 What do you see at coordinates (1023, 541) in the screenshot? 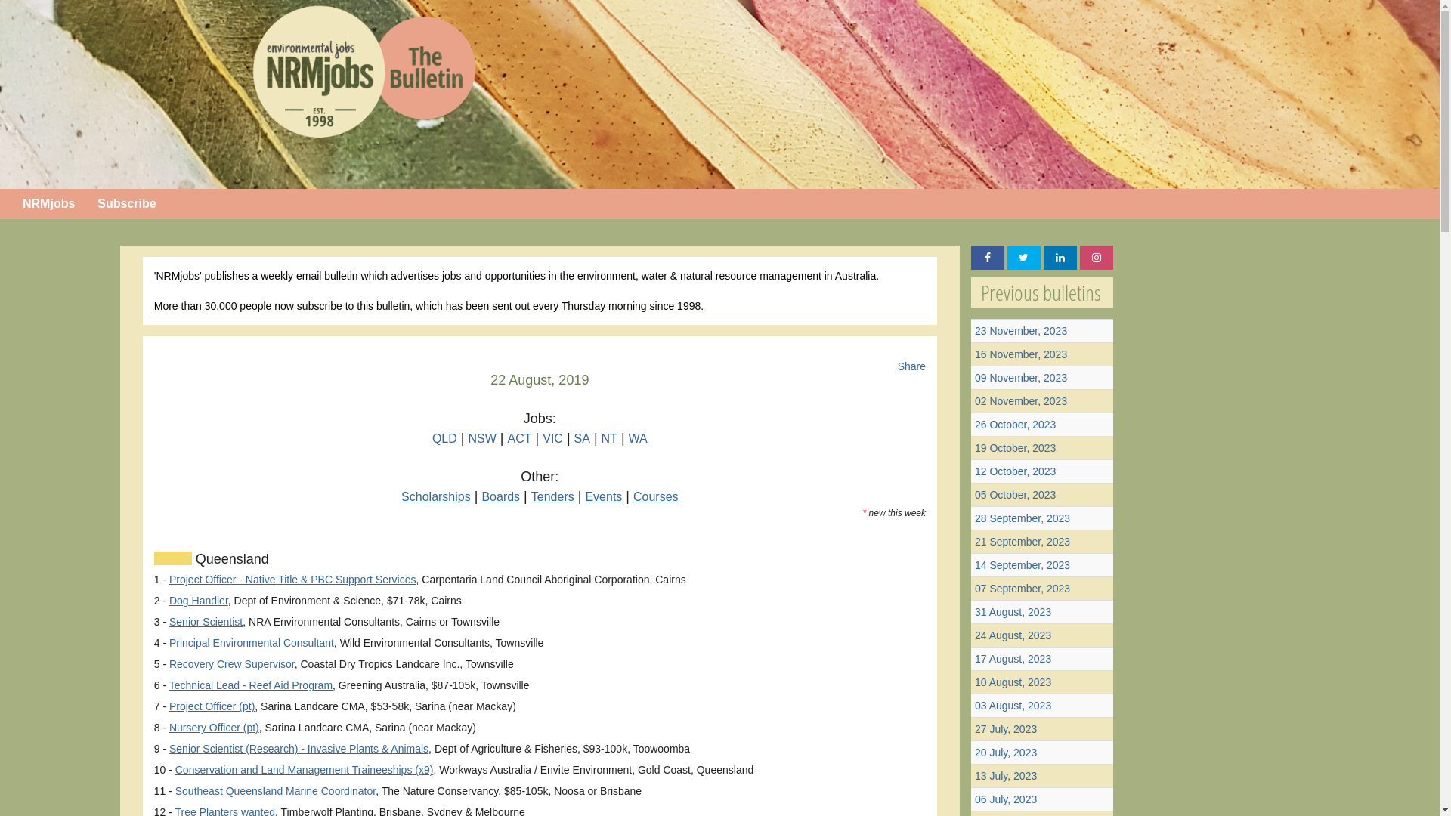
I see `'21 September, 2023'` at bounding box center [1023, 541].